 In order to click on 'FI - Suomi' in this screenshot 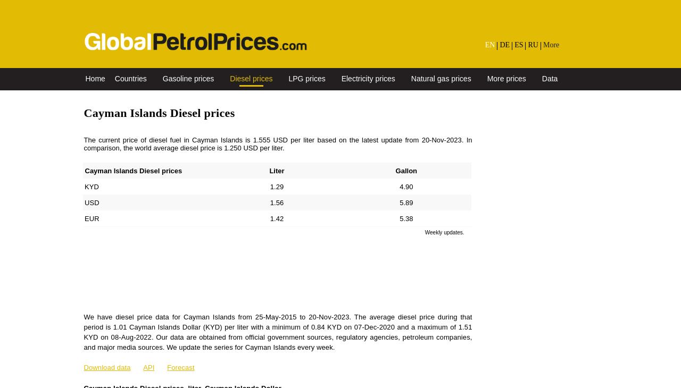, I will do `click(558, 132)`.